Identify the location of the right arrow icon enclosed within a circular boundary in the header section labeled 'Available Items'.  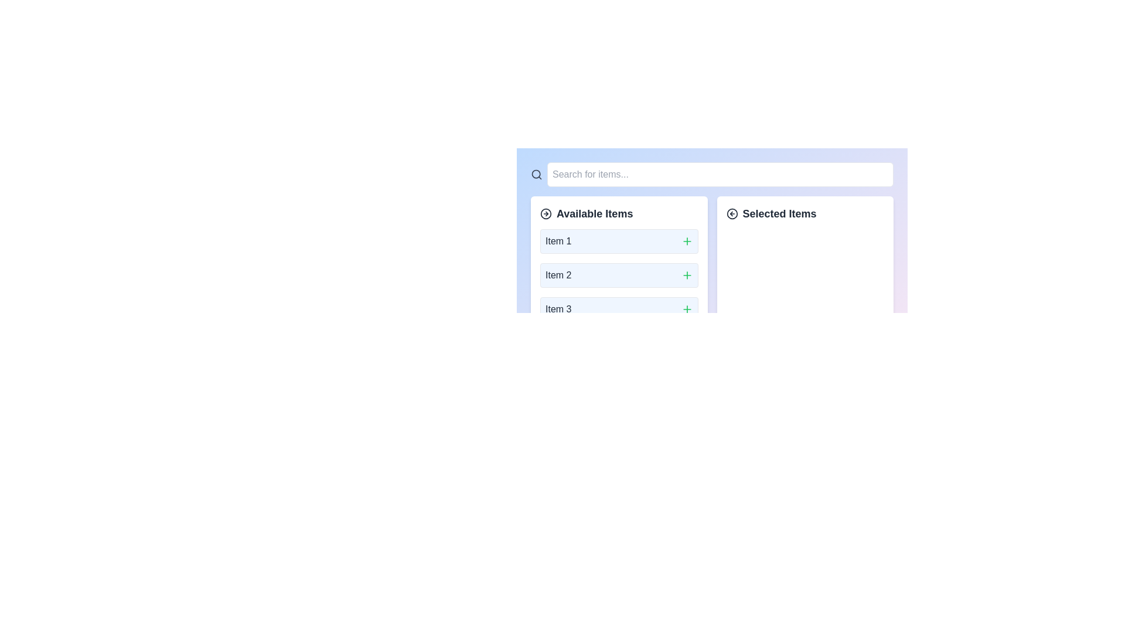
(545, 214).